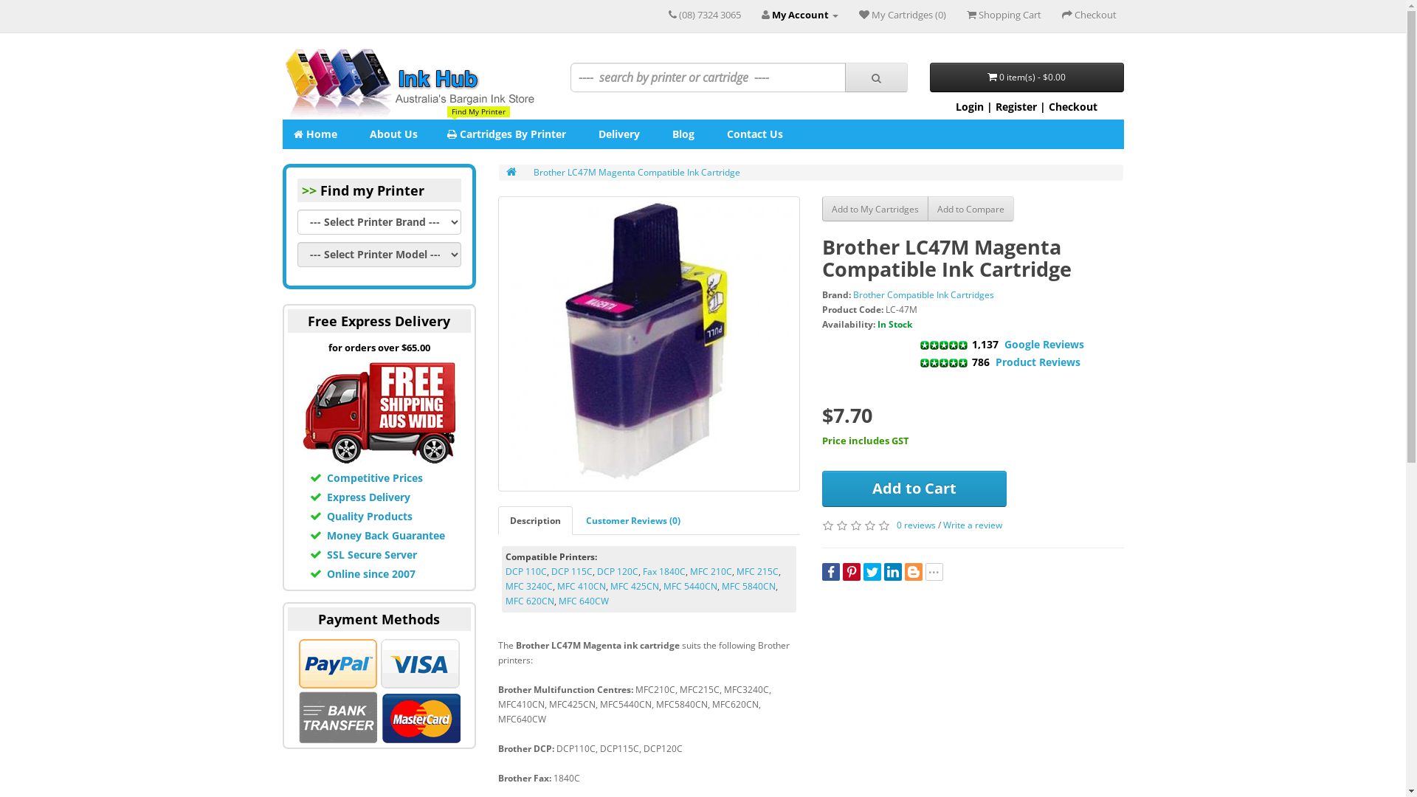  I want to click on 'Fax 1840C', so click(663, 570).